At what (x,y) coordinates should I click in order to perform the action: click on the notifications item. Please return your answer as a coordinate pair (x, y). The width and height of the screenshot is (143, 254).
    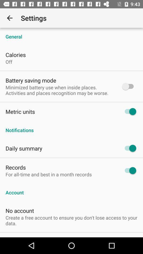
    Looking at the image, I should click on (71, 127).